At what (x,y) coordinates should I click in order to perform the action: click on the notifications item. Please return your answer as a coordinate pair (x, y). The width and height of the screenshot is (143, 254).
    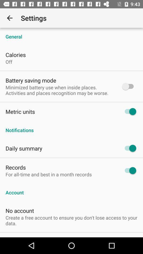
    Looking at the image, I should click on (71, 127).